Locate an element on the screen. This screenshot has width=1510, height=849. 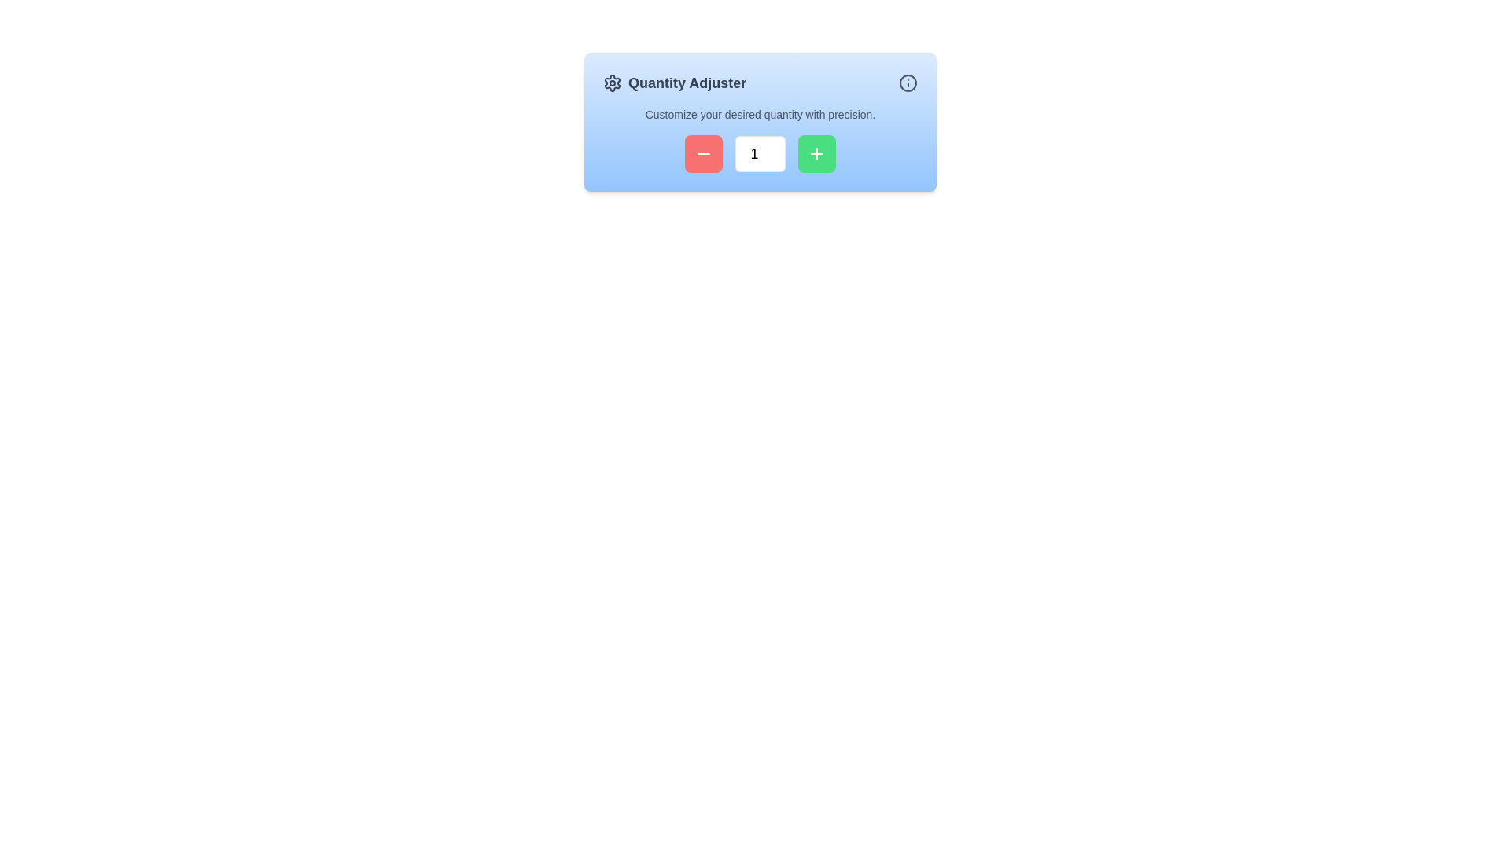
the gear-shaped icon located in the top-left corner of the blue card interface titled 'Quantity Adjuster' is located at coordinates (611, 83).